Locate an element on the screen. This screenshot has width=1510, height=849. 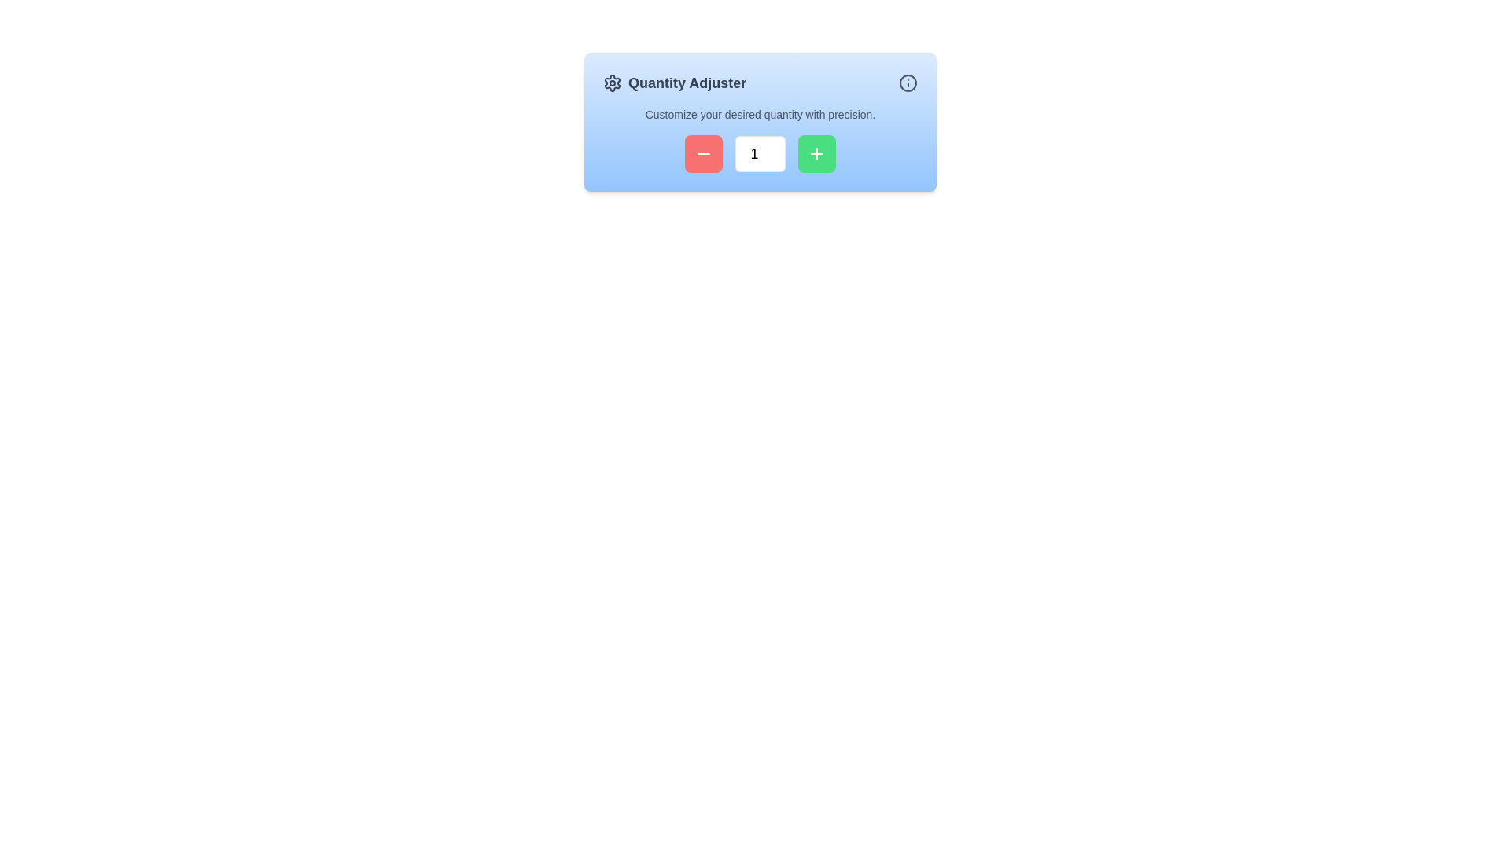
the gear-shaped icon located in the top-left corner of the blue card interface titled 'Quantity Adjuster' is located at coordinates (611, 83).